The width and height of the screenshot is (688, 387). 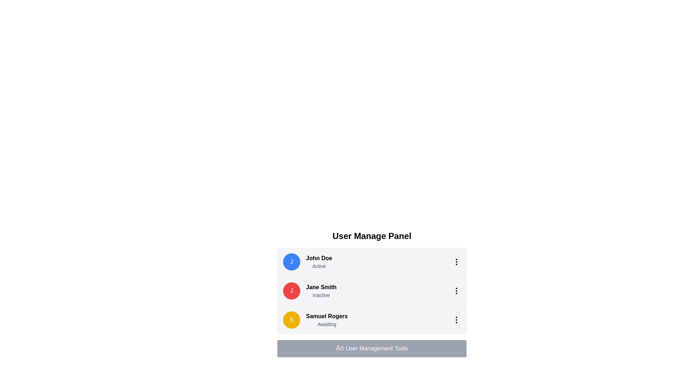 I want to click on the ellipsis menu icon represented by three vertically aligned dots, located at the rightmost edge of the row containing the text 'John Doe' and 'Active', so click(x=456, y=262).